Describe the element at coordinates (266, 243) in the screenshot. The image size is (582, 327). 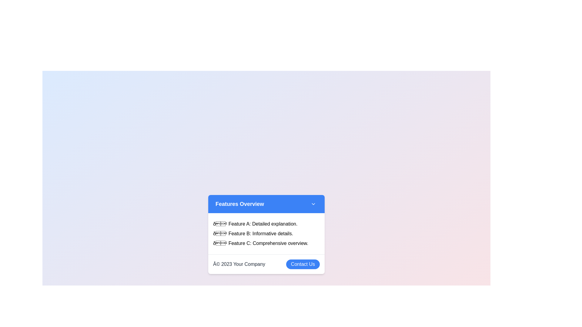
I see `the text label that reads "🔹 Feature C: Comprehensive overview." which is the third item in the Features Overview section` at that location.